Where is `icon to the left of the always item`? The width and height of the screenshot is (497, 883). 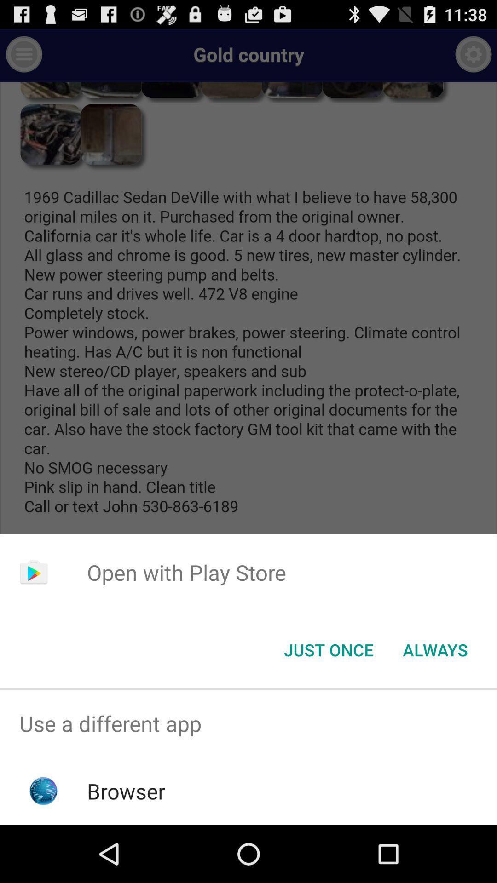 icon to the left of the always item is located at coordinates (328, 649).